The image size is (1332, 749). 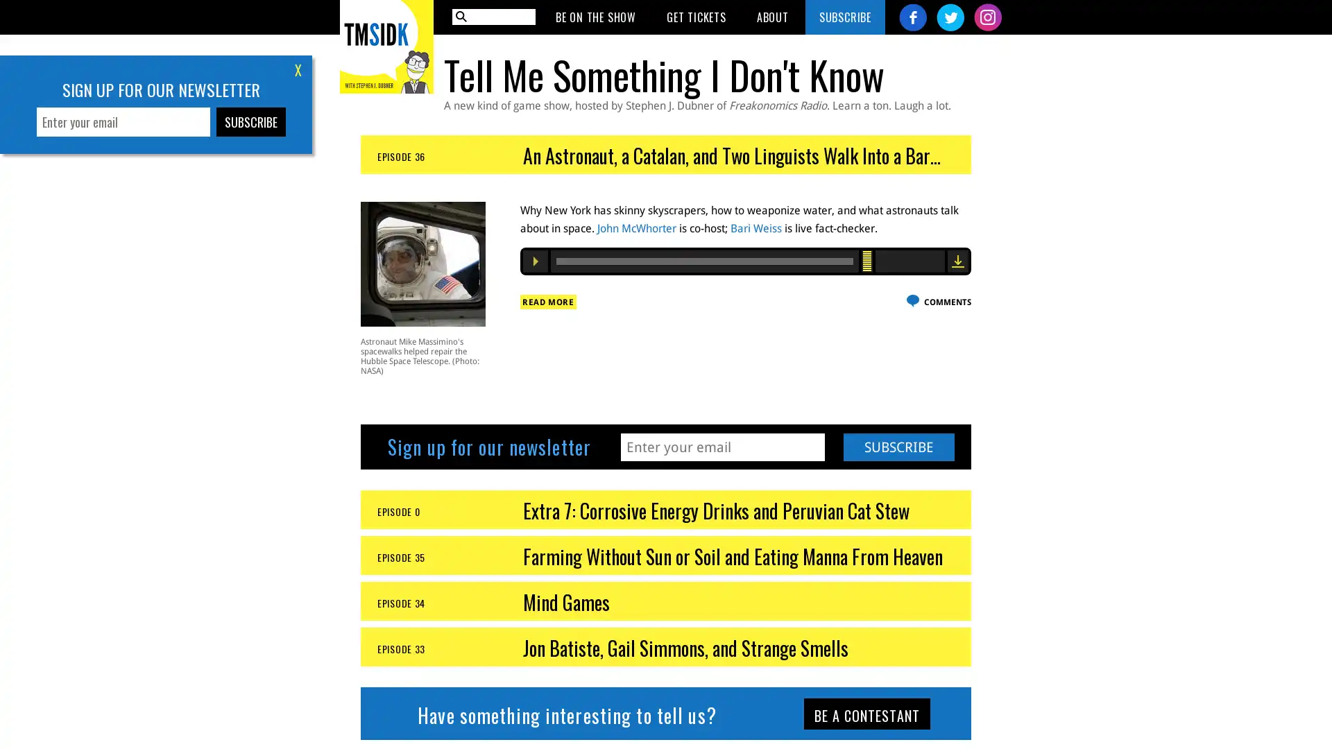 I want to click on Subscribe, so click(x=250, y=121).